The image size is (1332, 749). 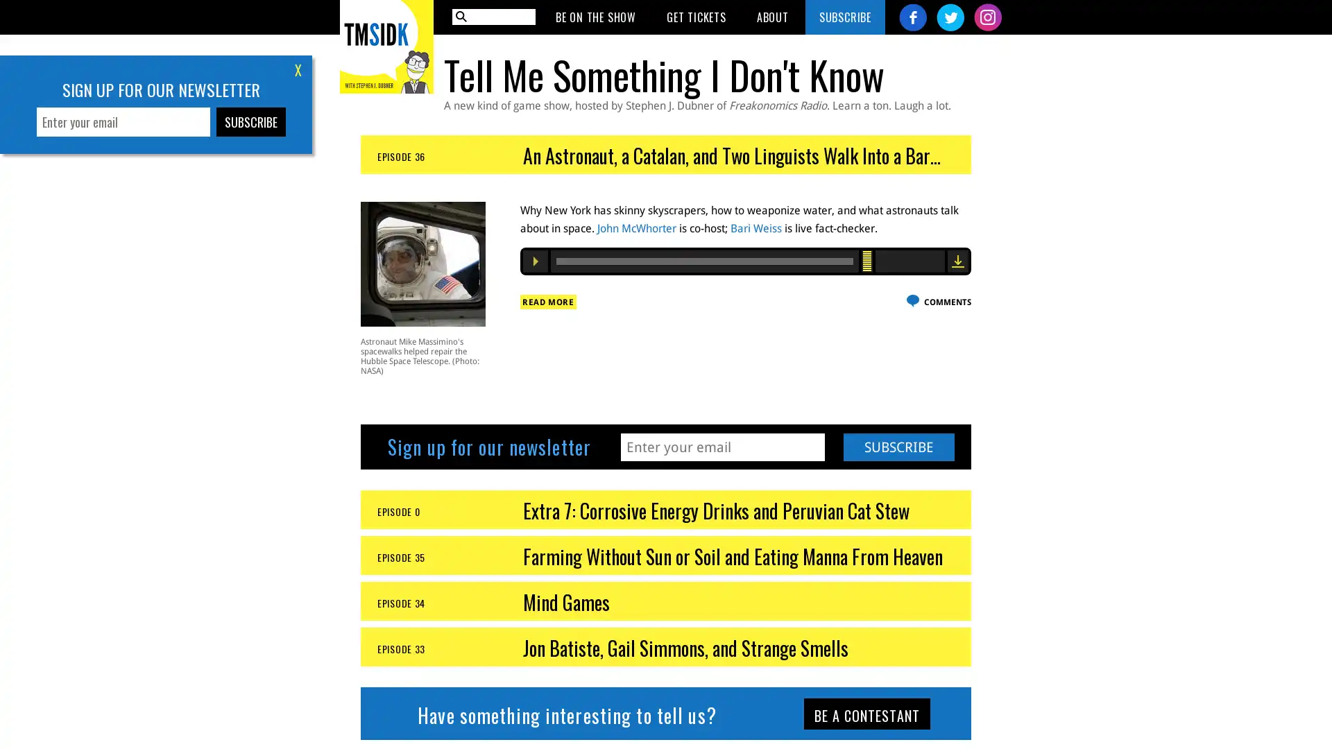 I want to click on Subscribe, so click(x=250, y=121).